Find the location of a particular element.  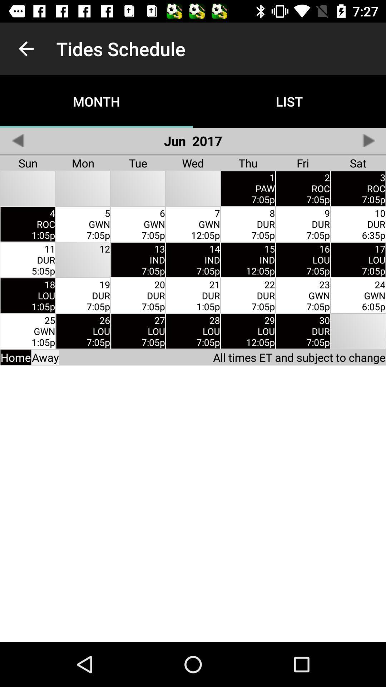

the icon next to month is located at coordinates (17, 140).